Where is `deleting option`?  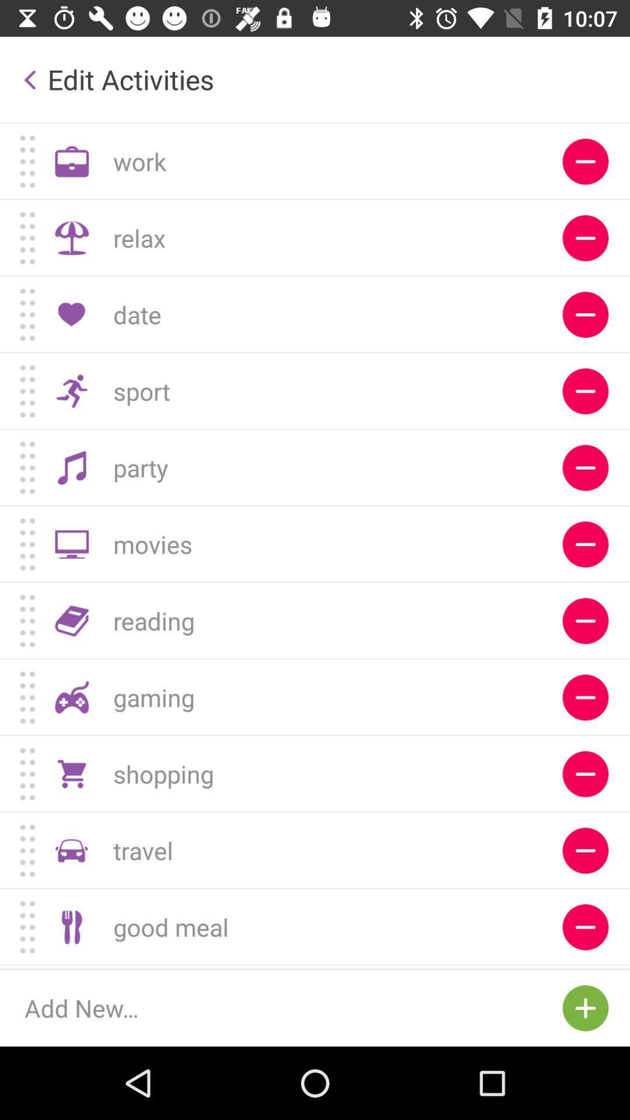 deleting option is located at coordinates (585, 967).